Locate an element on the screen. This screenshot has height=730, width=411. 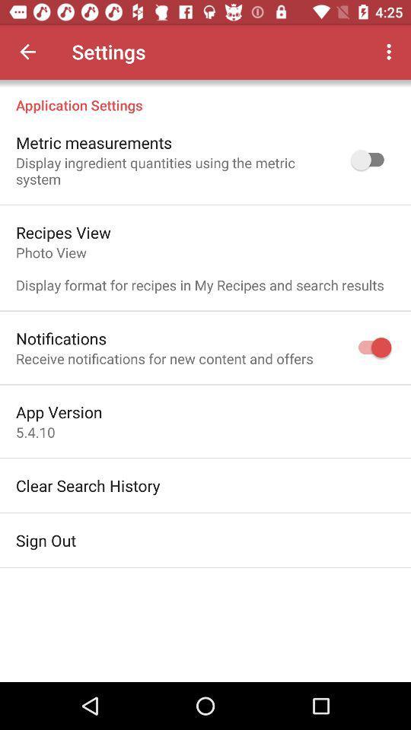
icon above notifications is located at coordinates (199, 268).